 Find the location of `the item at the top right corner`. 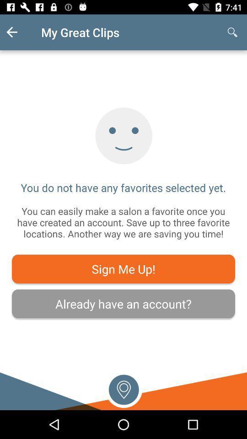

the item at the top right corner is located at coordinates (232, 32).